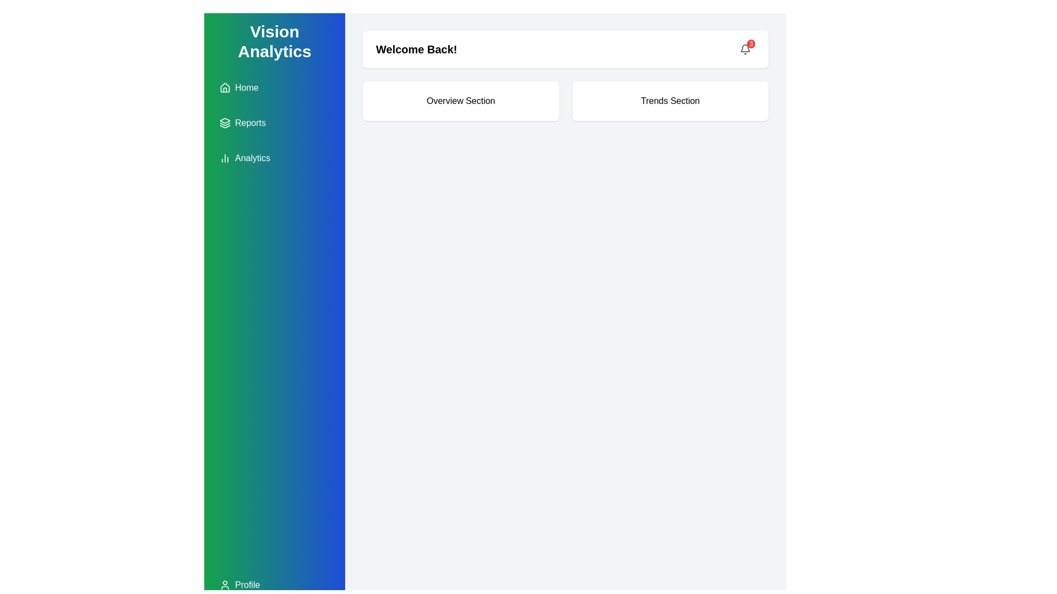 The height and width of the screenshot is (594, 1057). Describe the element at coordinates (224, 124) in the screenshot. I see `the second curved triangular shape in the vertically stacked arrangement of three shapes within the Reports label on the left-side navigation bar` at that location.